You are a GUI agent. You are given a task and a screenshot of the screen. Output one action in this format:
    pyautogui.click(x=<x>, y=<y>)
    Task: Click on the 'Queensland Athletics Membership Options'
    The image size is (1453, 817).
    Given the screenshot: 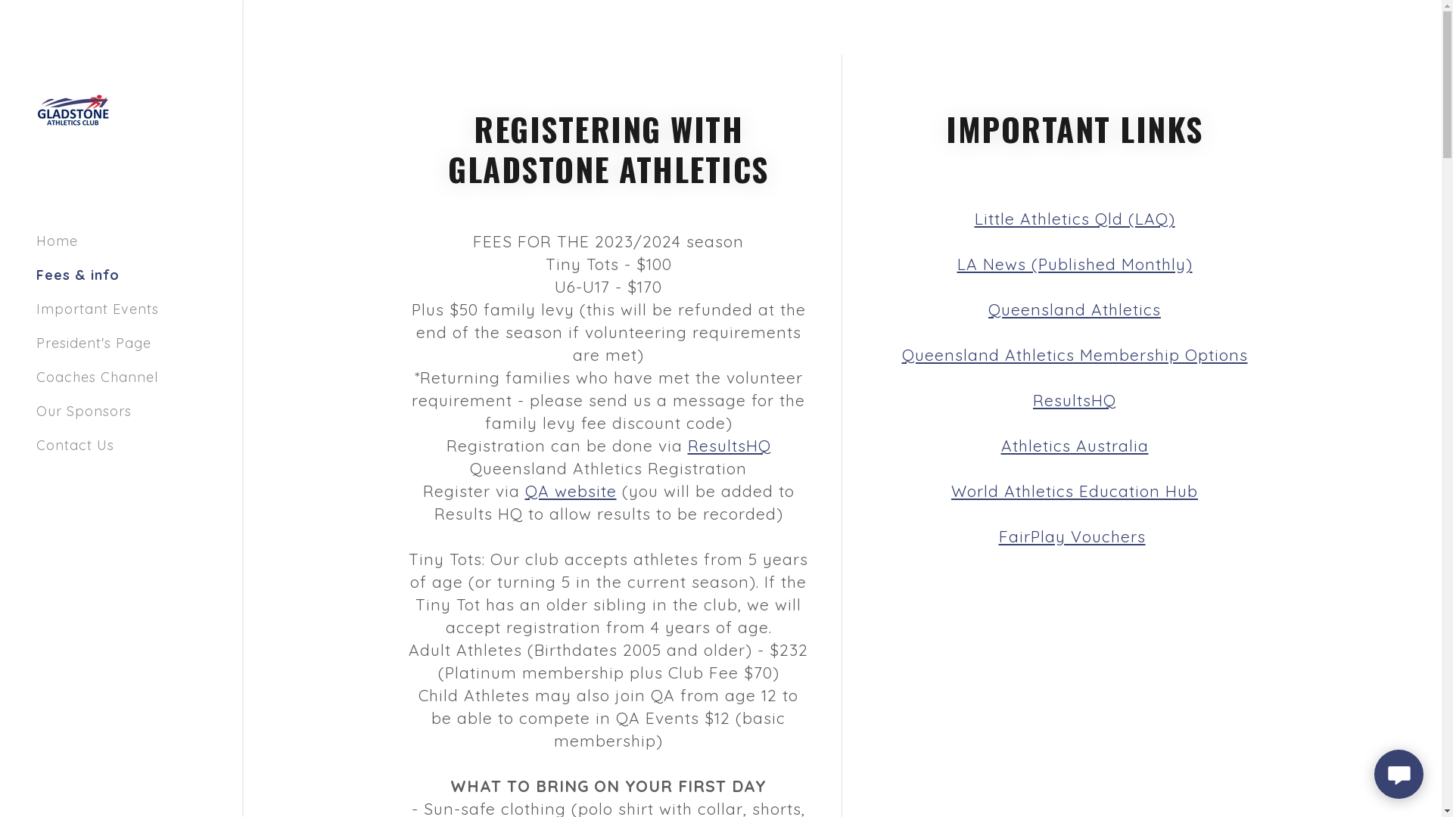 What is the action you would take?
    pyautogui.click(x=1074, y=355)
    